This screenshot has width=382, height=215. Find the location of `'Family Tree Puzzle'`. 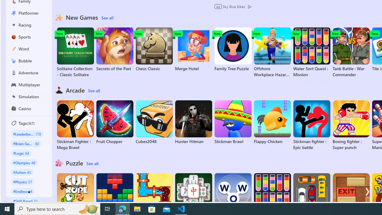

'Family Tree Puzzle' is located at coordinates (232, 49).